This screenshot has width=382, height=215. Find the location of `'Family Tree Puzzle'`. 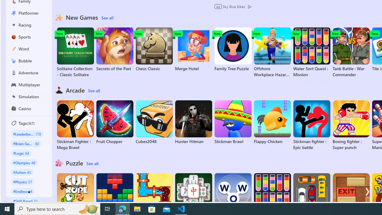

'Family Tree Puzzle' is located at coordinates (232, 49).